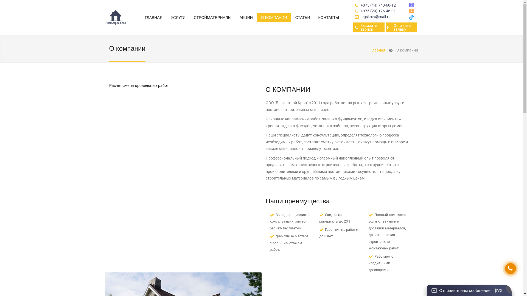 This screenshot has height=296, width=527. Describe the element at coordinates (378, 11) in the screenshot. I see `'+375 (29) 176-46-01'` at that location.